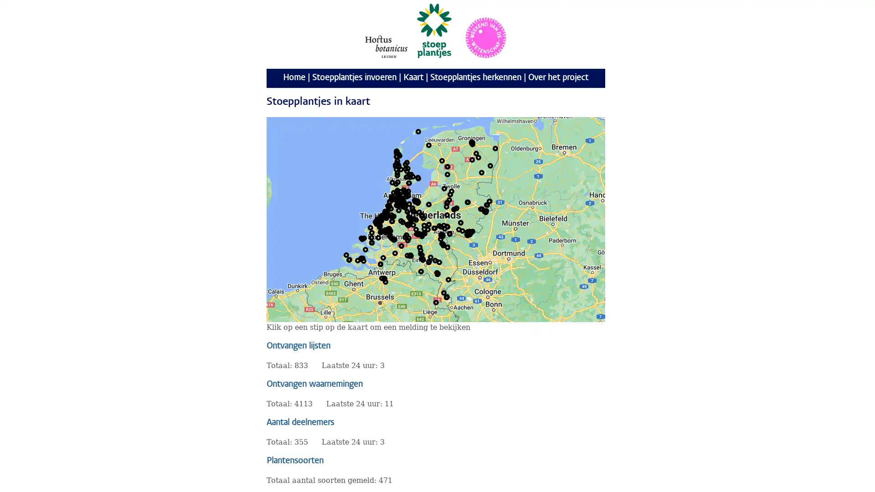 The image size is (875, 492). Describe the element at coordinates (397, 203) in the screenshot. I see `Telling van op 16 december 2021` at that location.